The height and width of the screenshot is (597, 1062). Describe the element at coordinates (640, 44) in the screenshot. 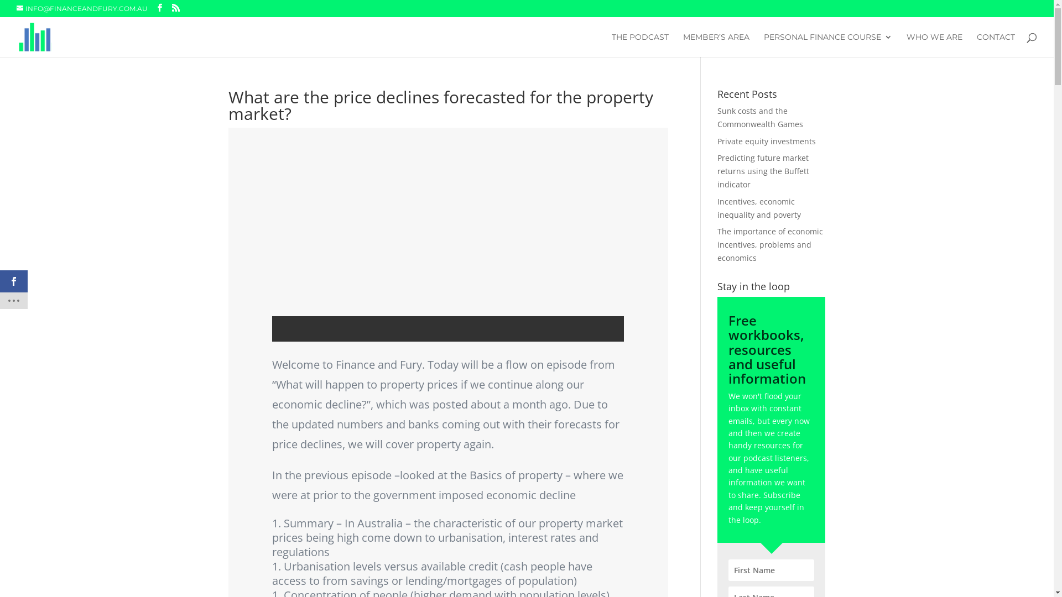

I see `'THE PODCAST'` at that location.